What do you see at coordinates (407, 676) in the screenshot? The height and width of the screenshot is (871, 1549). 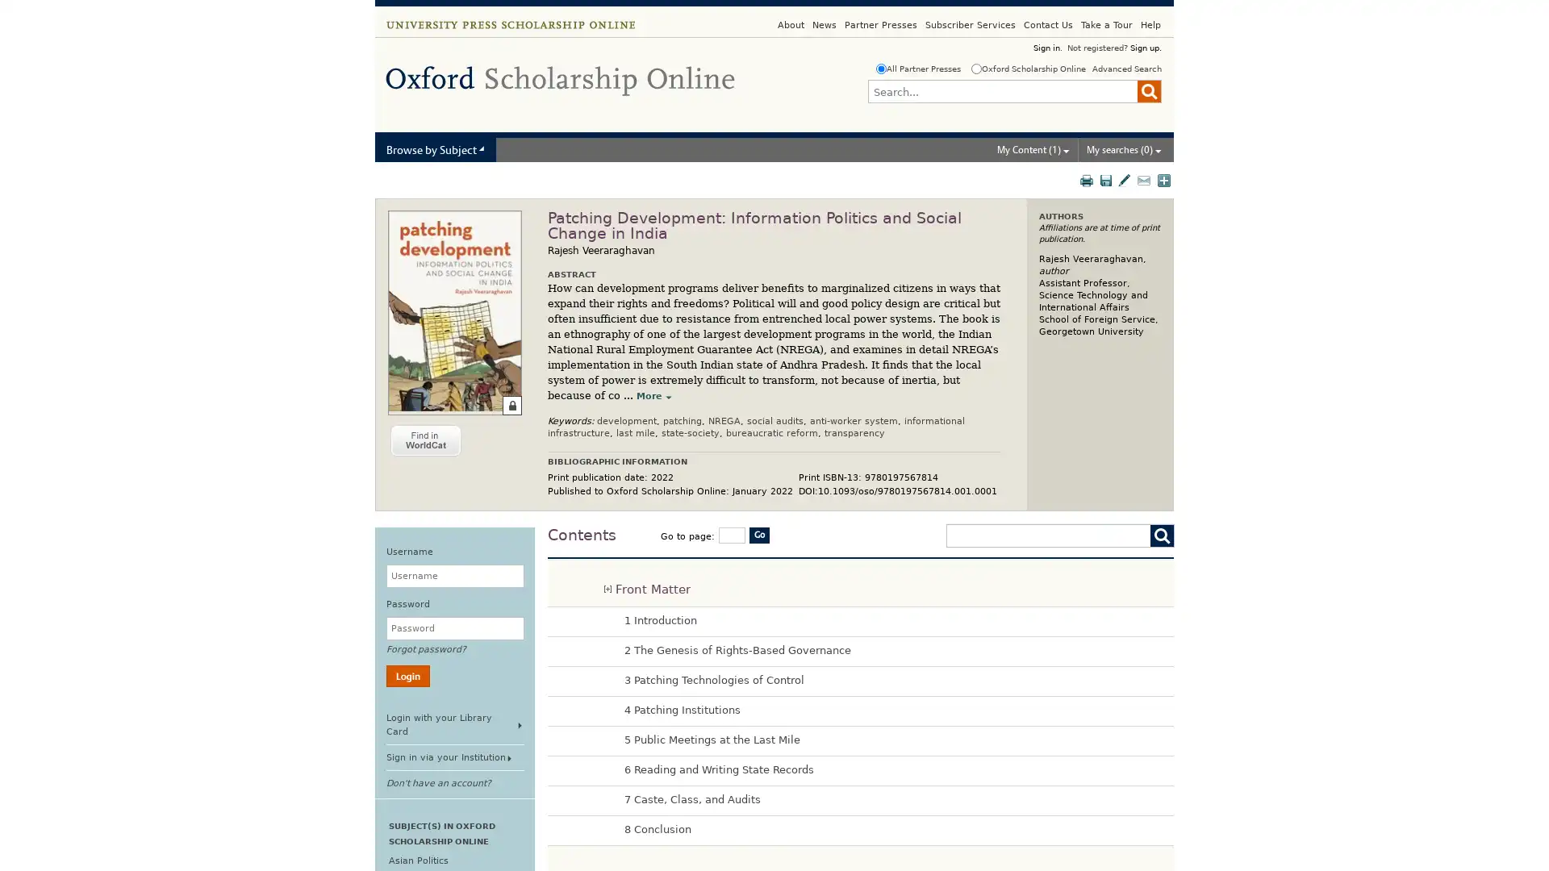 I see `Login` at bounding box center [407, 676].